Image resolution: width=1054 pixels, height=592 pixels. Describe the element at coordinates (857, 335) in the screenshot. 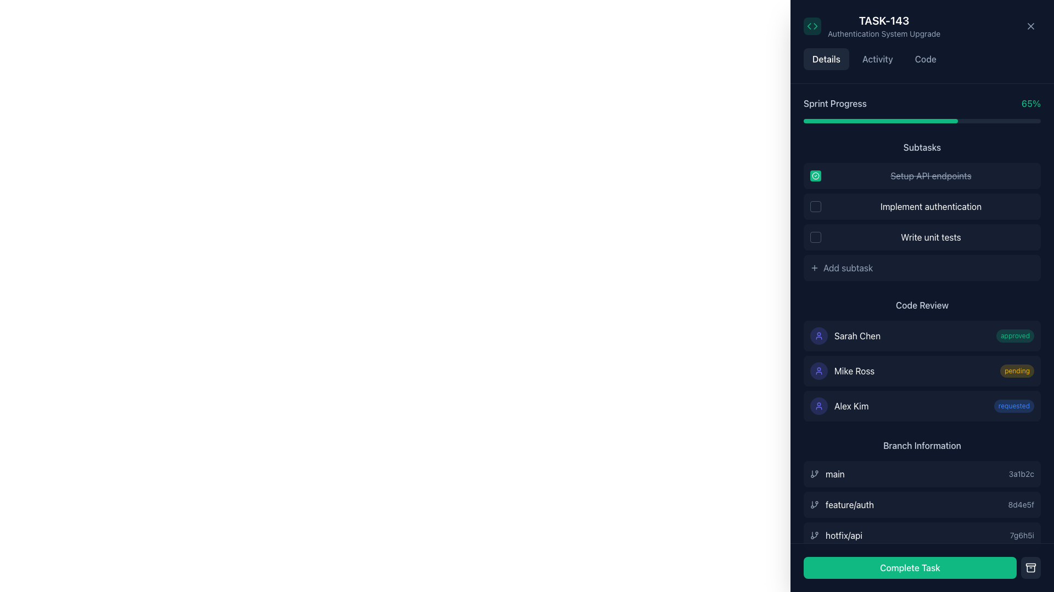

I see `the Text Label displaying 'Sarah Chen', which is the first name listed under the 'Code Review' section of the task management application` at that location.